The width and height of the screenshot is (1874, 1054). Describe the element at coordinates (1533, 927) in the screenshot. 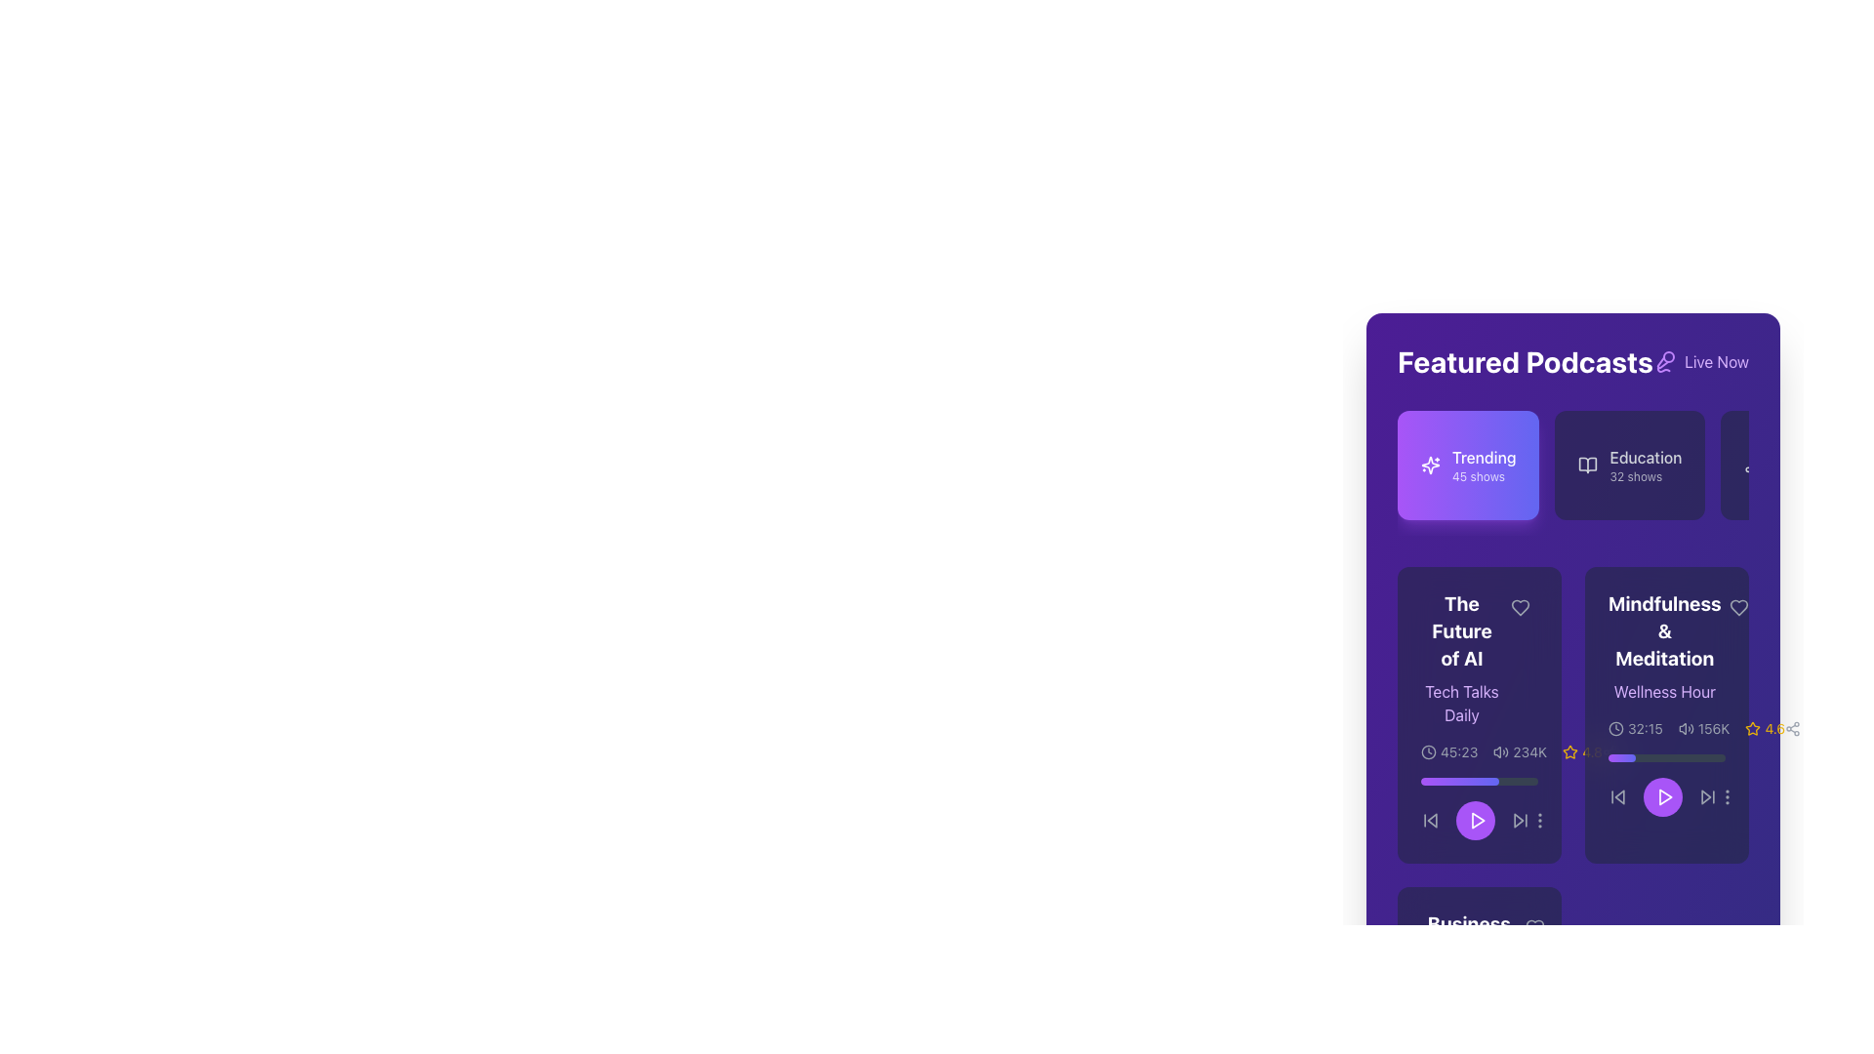

I see `the heart-shaped icon in the lower-right corner of the podcast card to mark it as favorite` at that location.